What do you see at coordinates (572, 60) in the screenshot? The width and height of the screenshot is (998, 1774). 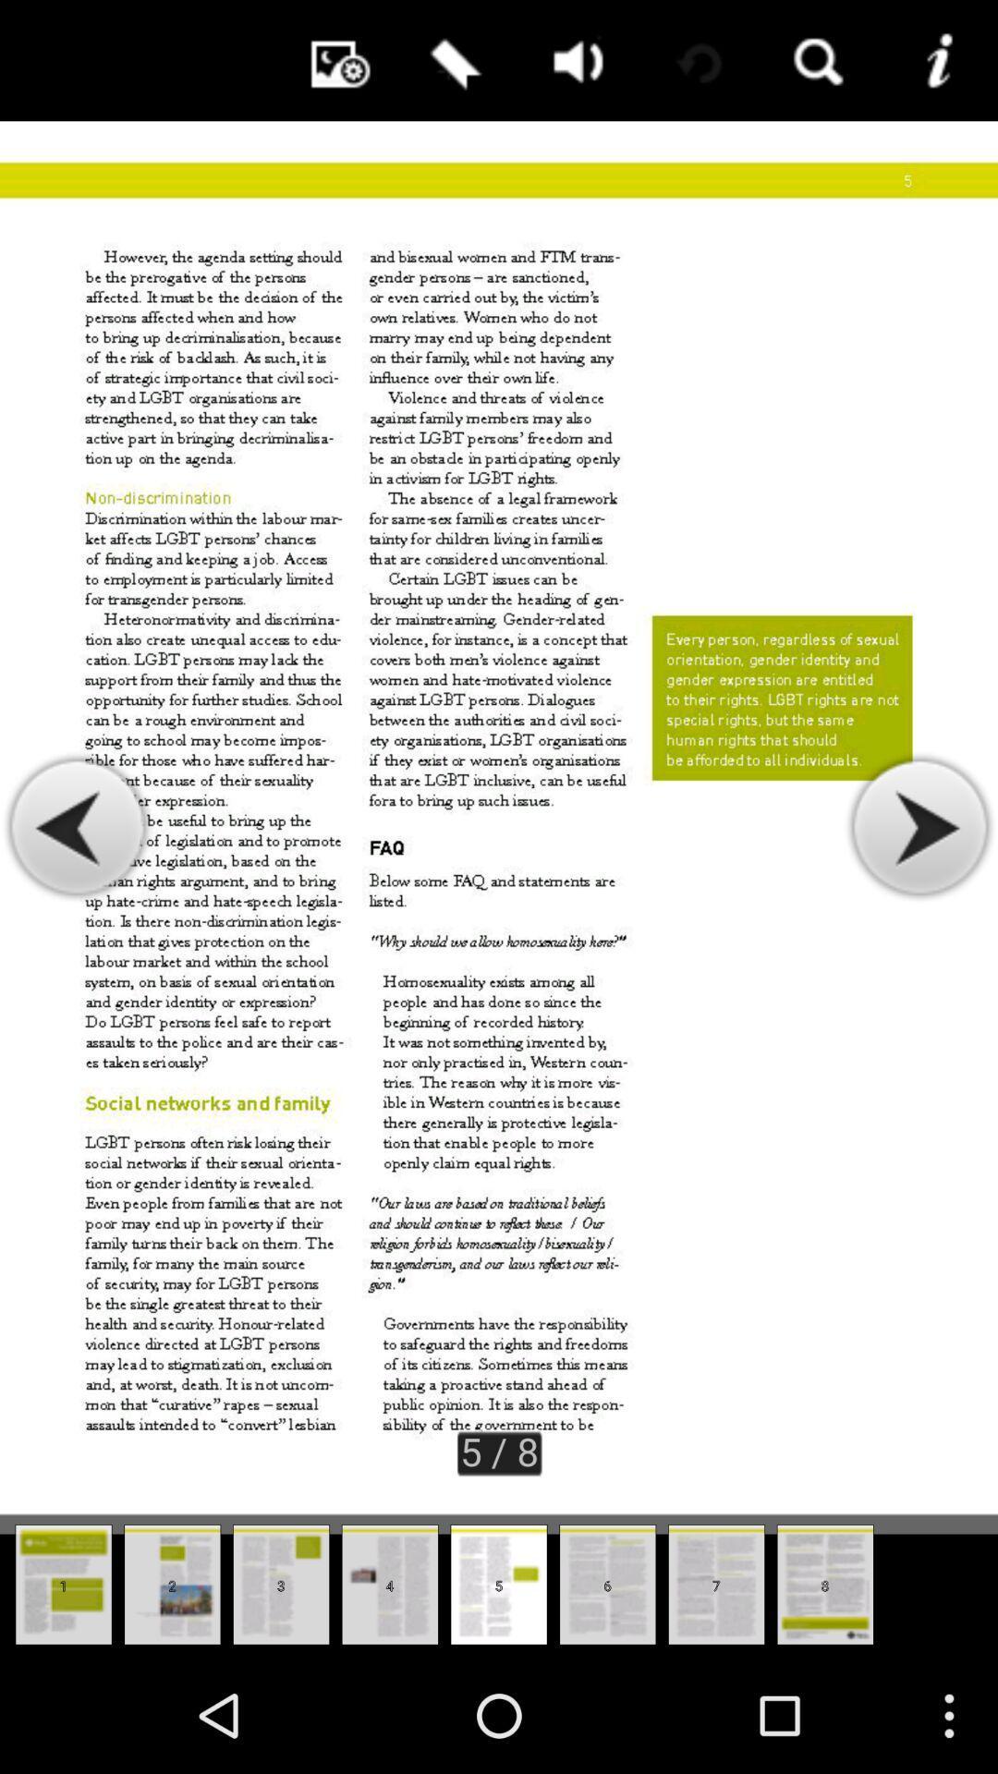 I see `audiobook play icon` at bounding box center [572, 60].